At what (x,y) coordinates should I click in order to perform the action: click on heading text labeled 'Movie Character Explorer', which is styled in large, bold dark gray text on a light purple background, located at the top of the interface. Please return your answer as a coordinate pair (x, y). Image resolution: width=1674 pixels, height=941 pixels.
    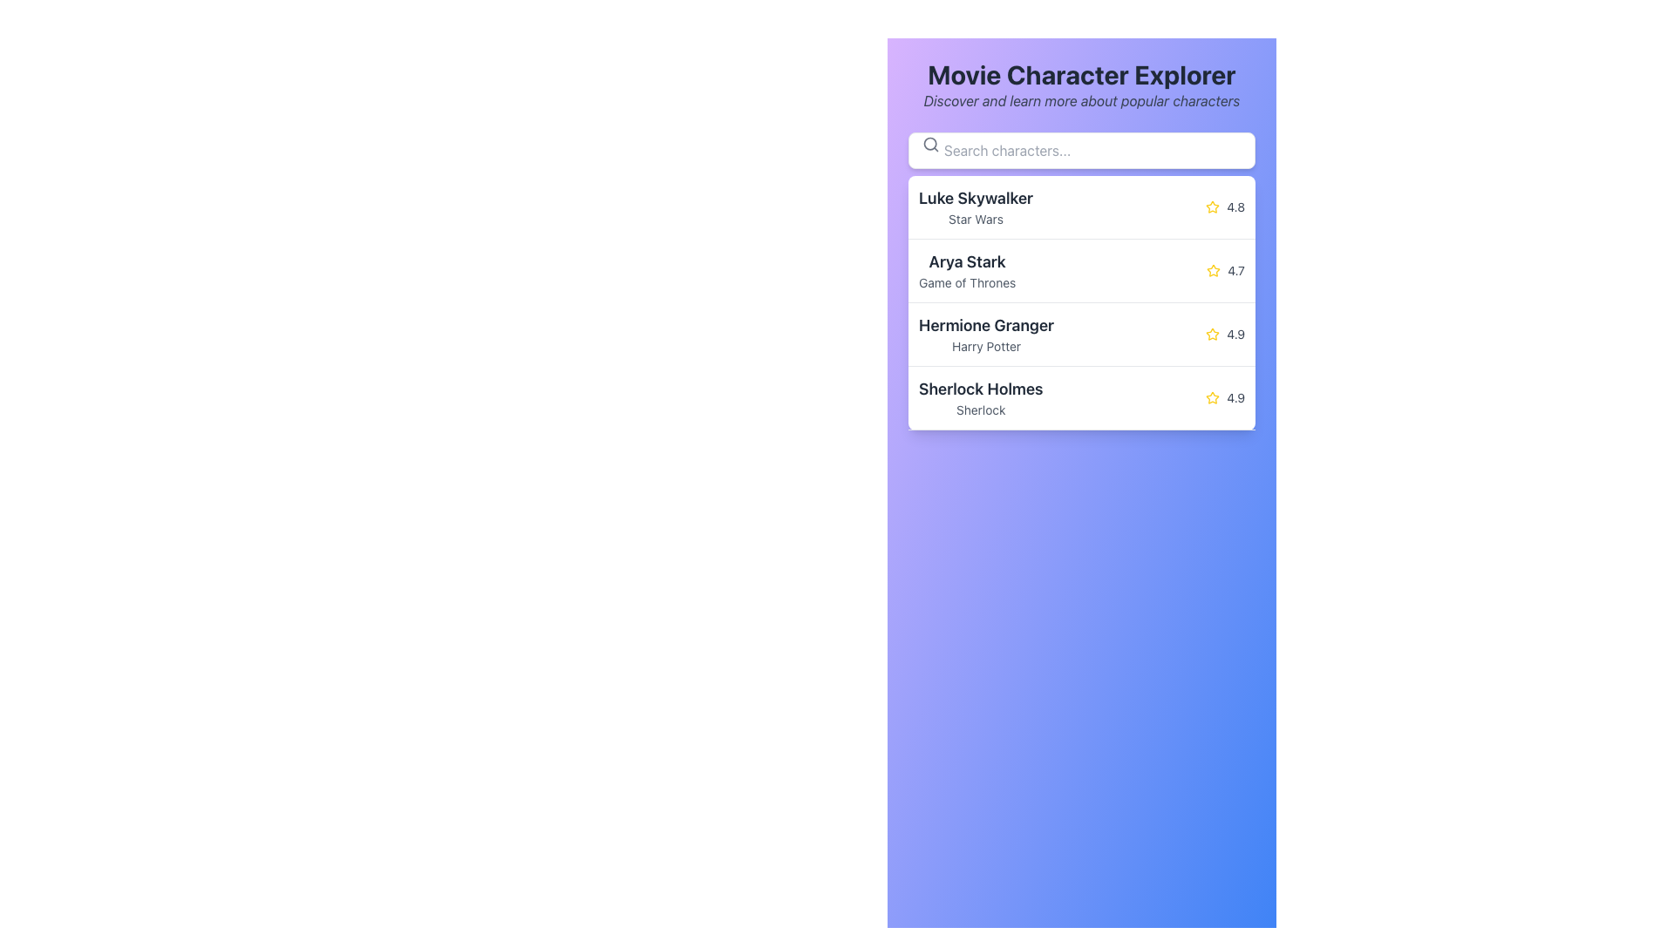
    Looking at the image, I should click on (1080, 73).